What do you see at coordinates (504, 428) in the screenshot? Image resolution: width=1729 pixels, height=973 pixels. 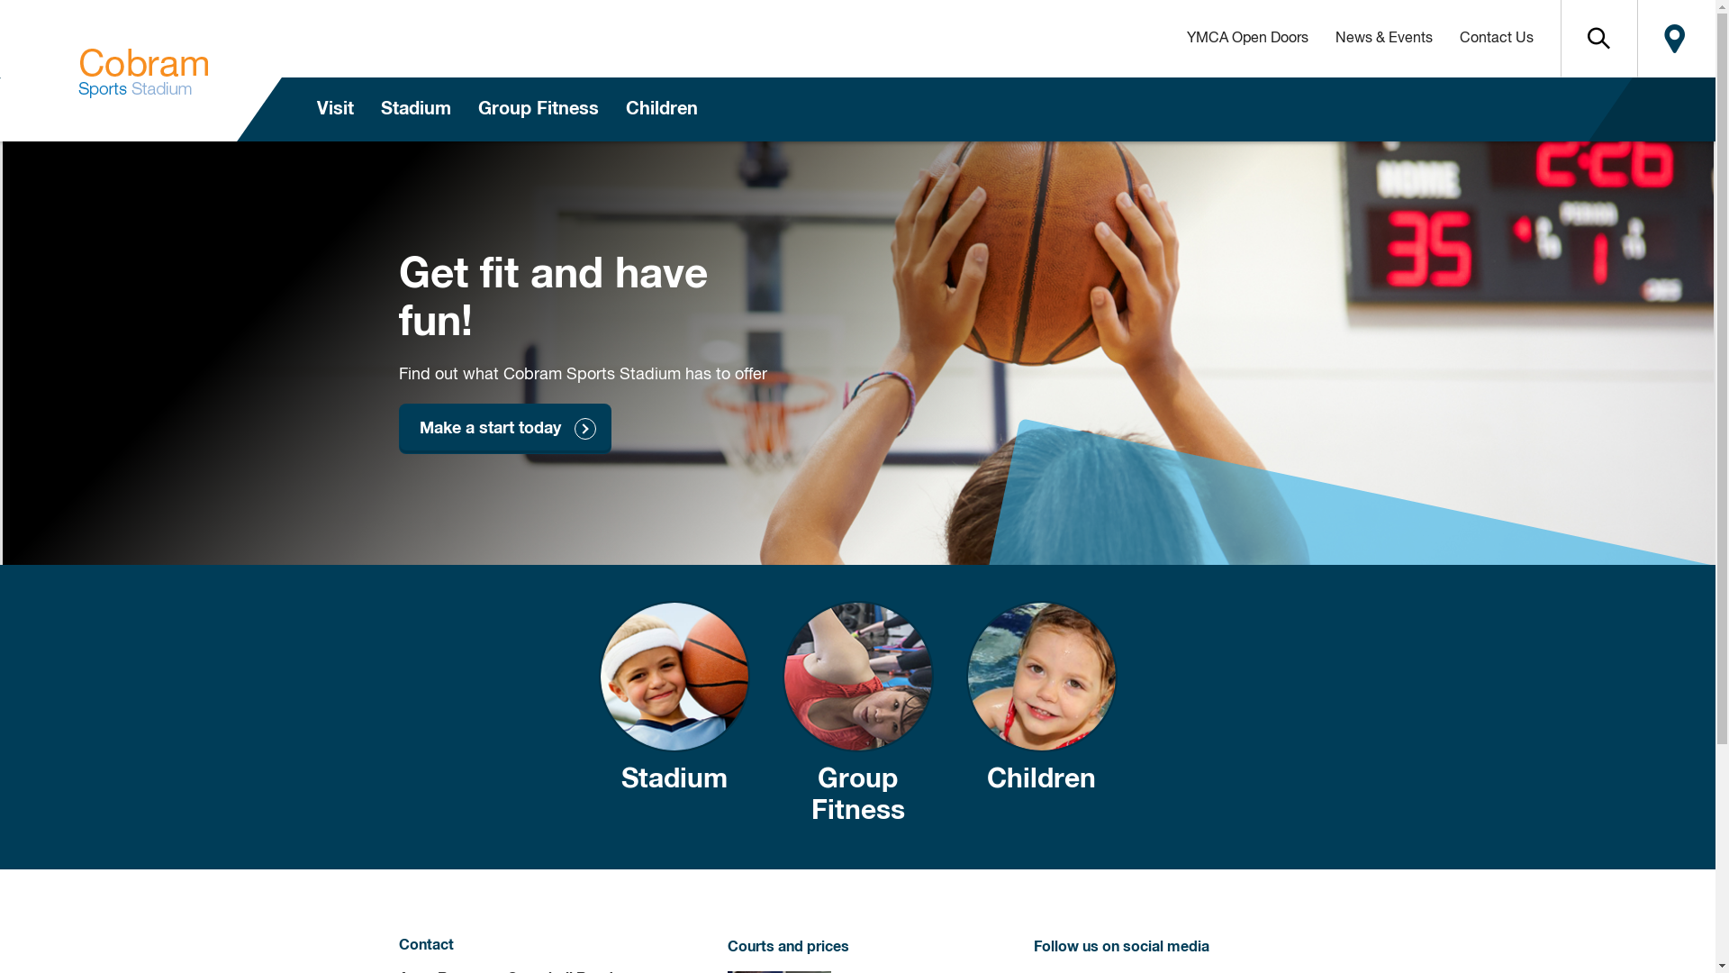 I see `'Make a start today'` at bounding box center [504, 428].